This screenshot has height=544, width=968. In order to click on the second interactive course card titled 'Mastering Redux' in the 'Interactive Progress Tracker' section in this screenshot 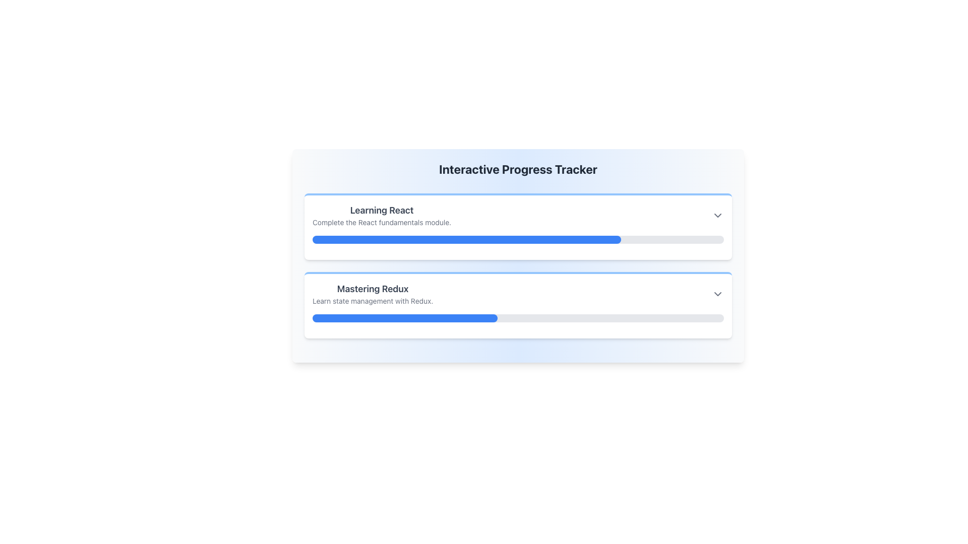, I will do `click(518, 294)`.